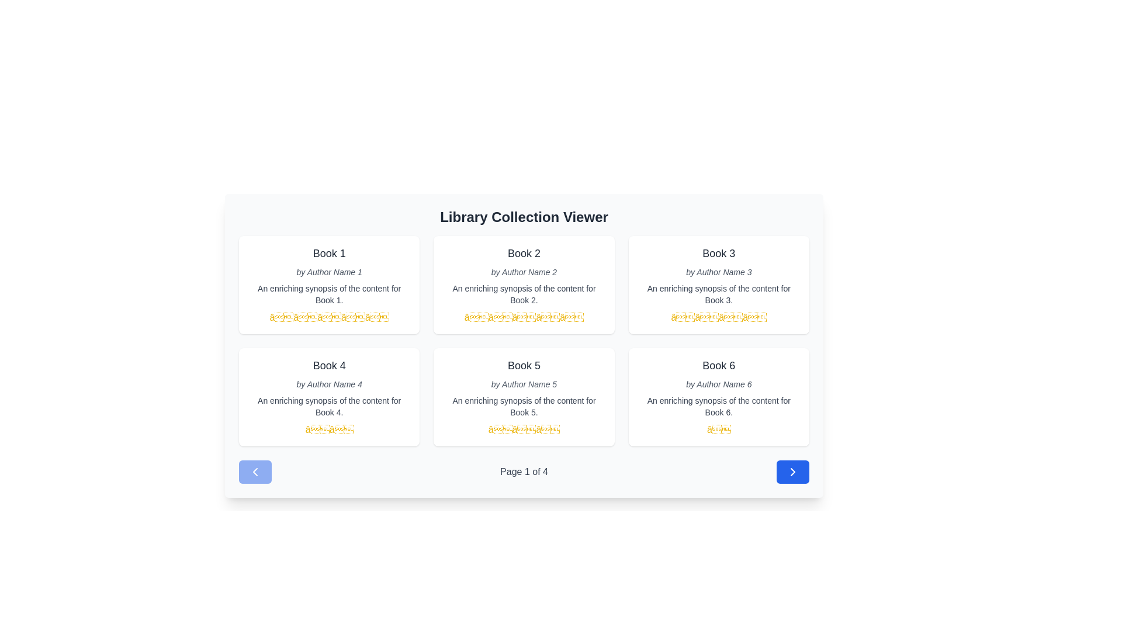 This screenshot has height=631, width=1122. Describe the element at coordinates (524, 294) in the screenshot. I see `the Text label that provides a synopsis for 'Book 2', located in the second card of the first row, below the author's name and above the star rating section` at that location.